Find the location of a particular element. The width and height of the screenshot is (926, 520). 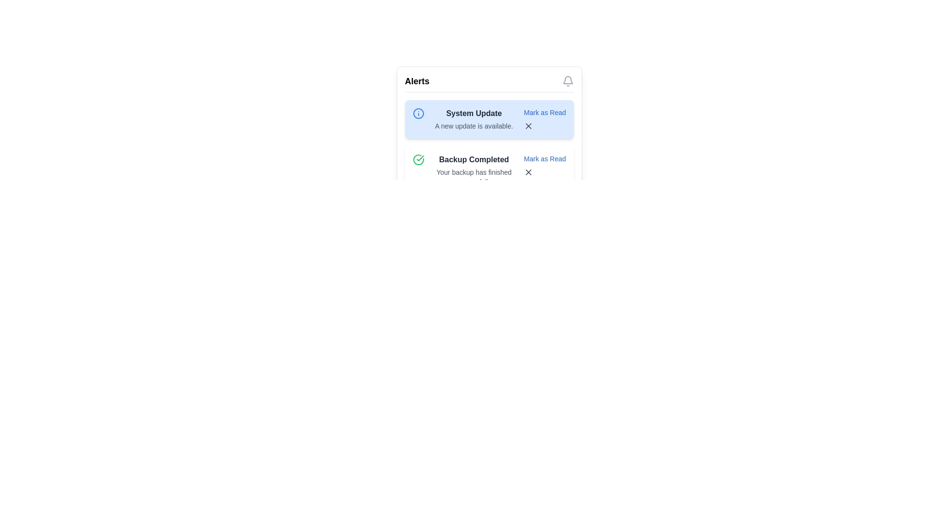

the information indicator icon for 'System Update' located at the far left of the notification card is located at coordinates (422, 113).